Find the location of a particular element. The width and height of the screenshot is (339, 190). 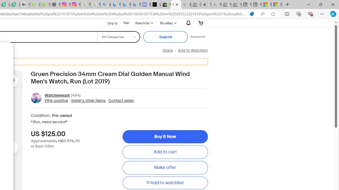

'Make offer' is located at coordinates (165, 168).